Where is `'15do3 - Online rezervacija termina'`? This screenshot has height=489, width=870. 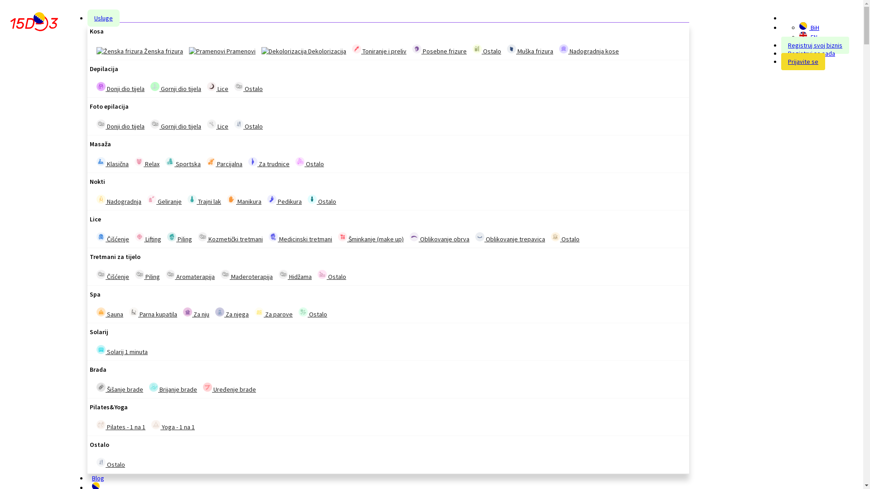
'15do3 - Online rezervacija termina' is located at coordinates (10, 22).